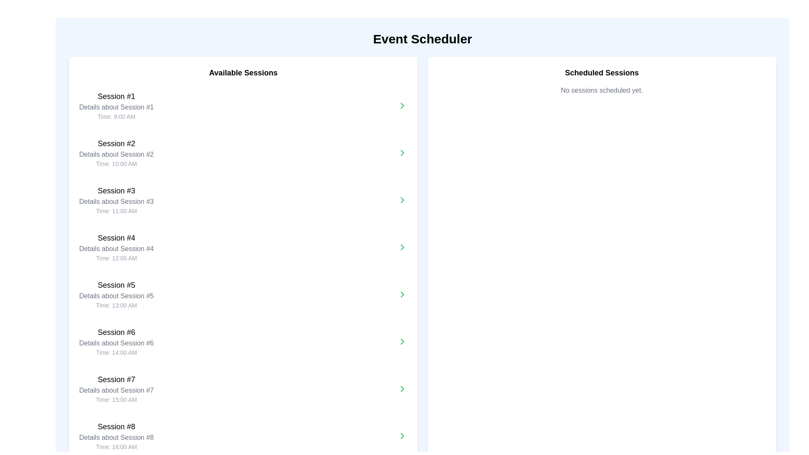  Describe the element at coordinates (402, 294) in the screenshot. I see `the right-pointing chevron icon associated with 'Session #5' in the 'Available Sessions' list on the left panel` at that location.